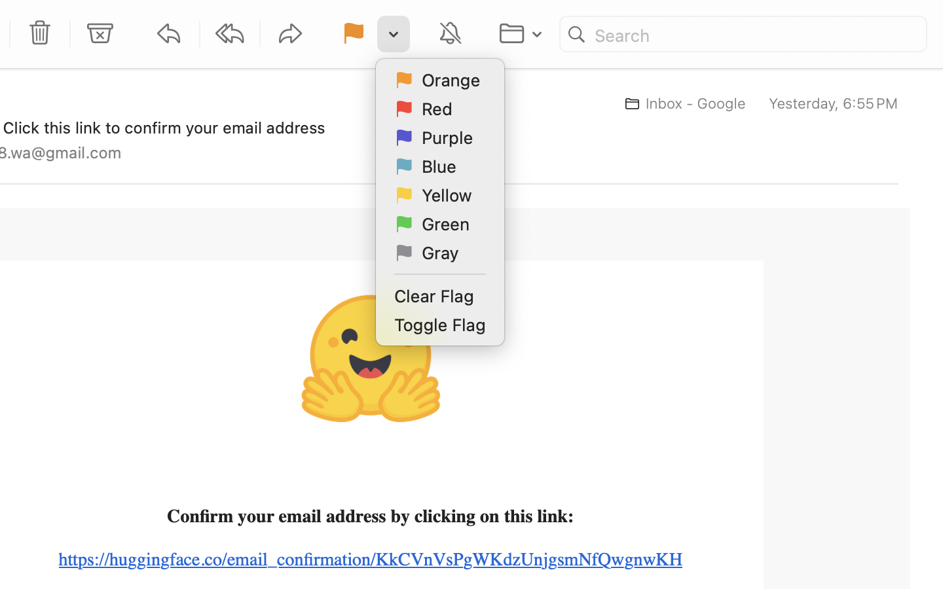 Image resolution: width=943 pixels, height=589 pixels. I want to click on '￼Inbox - Google', so click(680, 103).